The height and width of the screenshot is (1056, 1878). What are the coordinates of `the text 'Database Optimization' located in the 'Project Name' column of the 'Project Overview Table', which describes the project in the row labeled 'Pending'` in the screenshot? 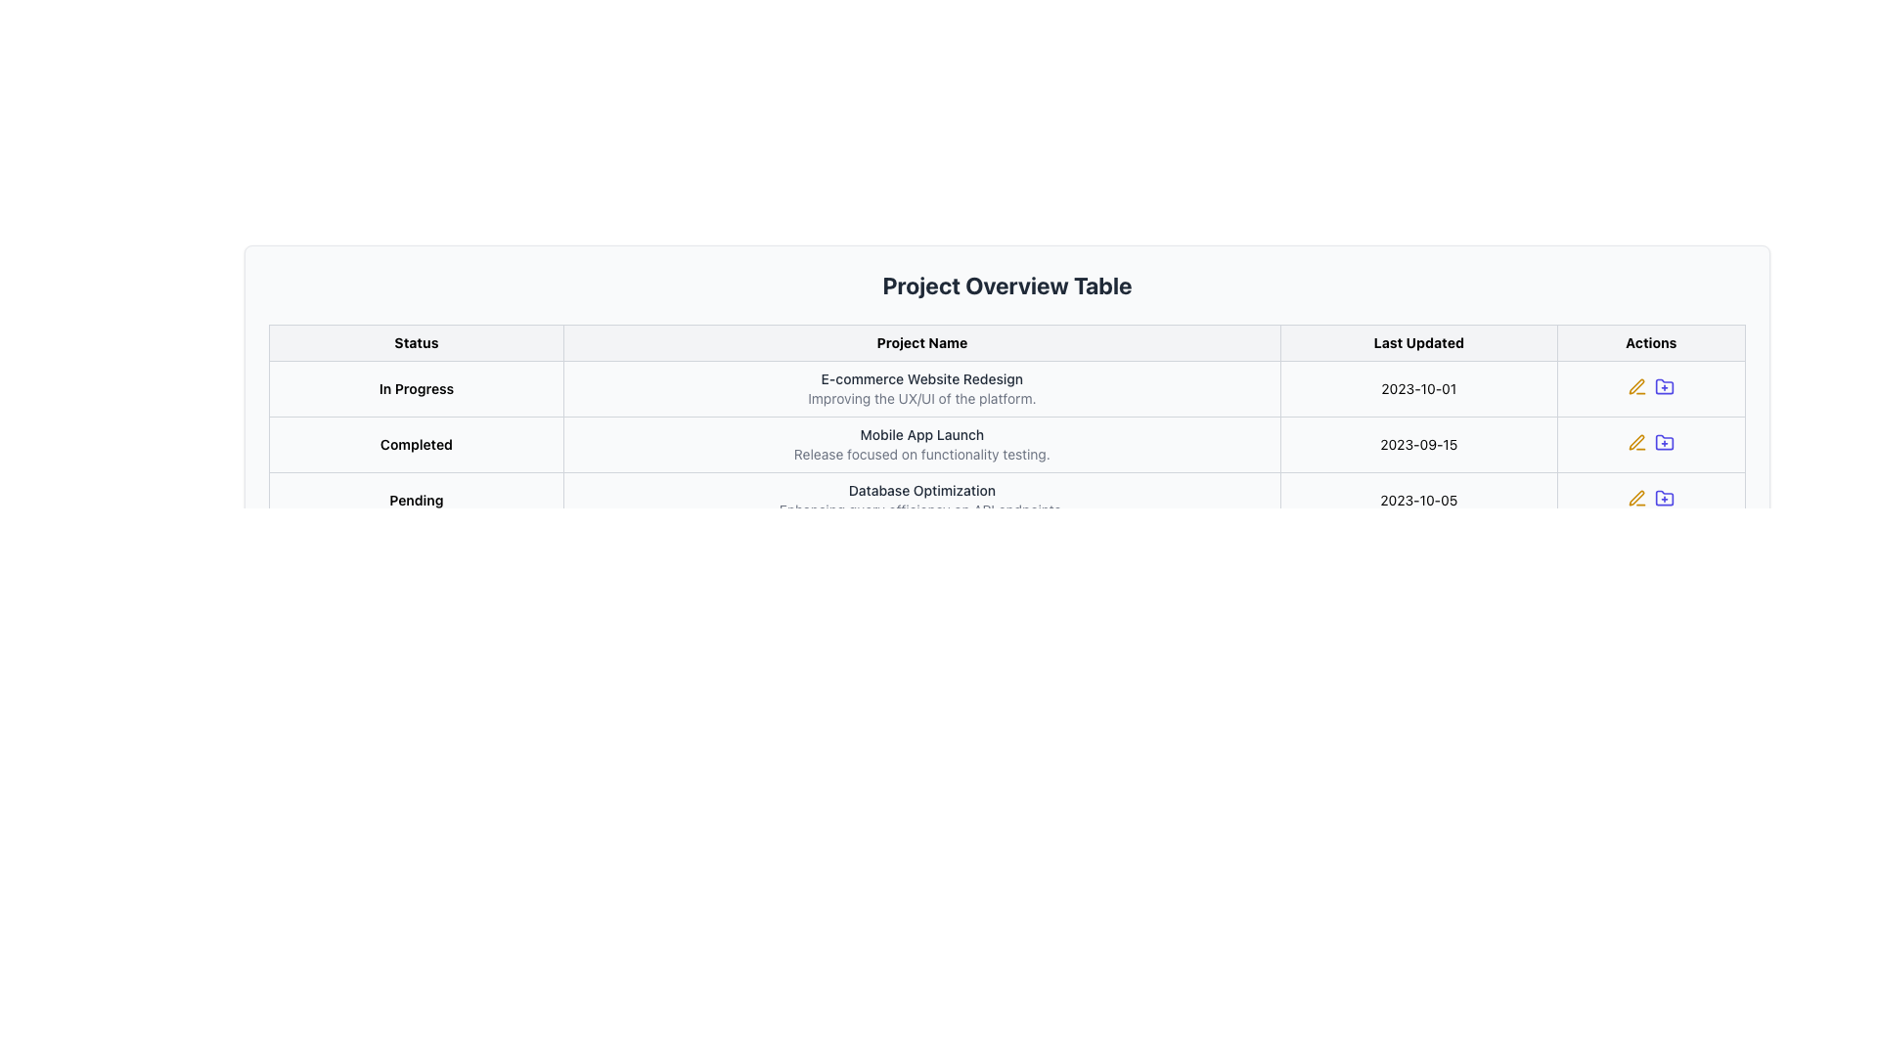 It's located at (920, 489).